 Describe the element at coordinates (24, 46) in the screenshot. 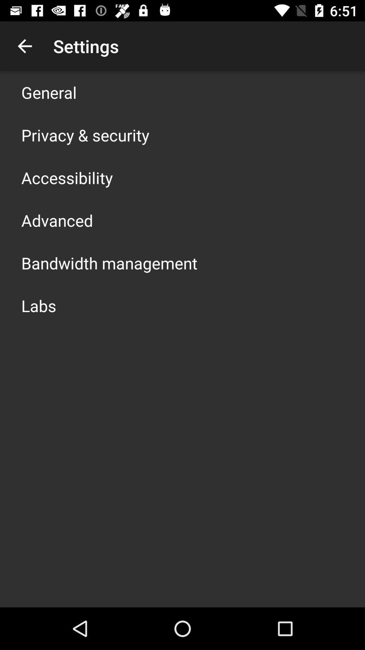

I see `app above general icon` at that location.